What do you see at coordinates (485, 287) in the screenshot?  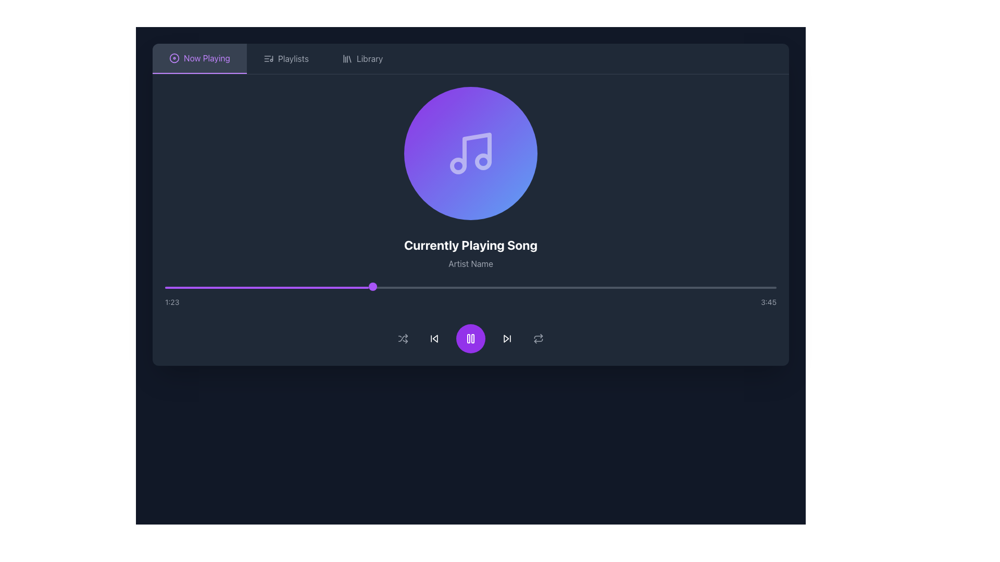 I see `the playback position` at bounding box center [485, 287].